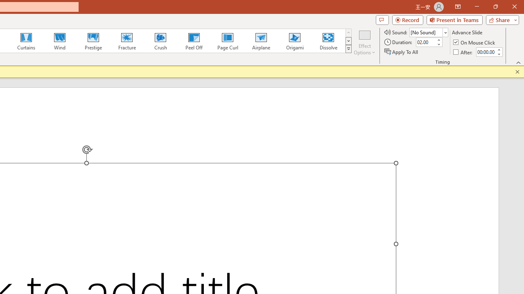 The image size is (524, 294). Describe the element at coordinates (328, 41) in the screenshot. I see `'Dissolve'` at that location.